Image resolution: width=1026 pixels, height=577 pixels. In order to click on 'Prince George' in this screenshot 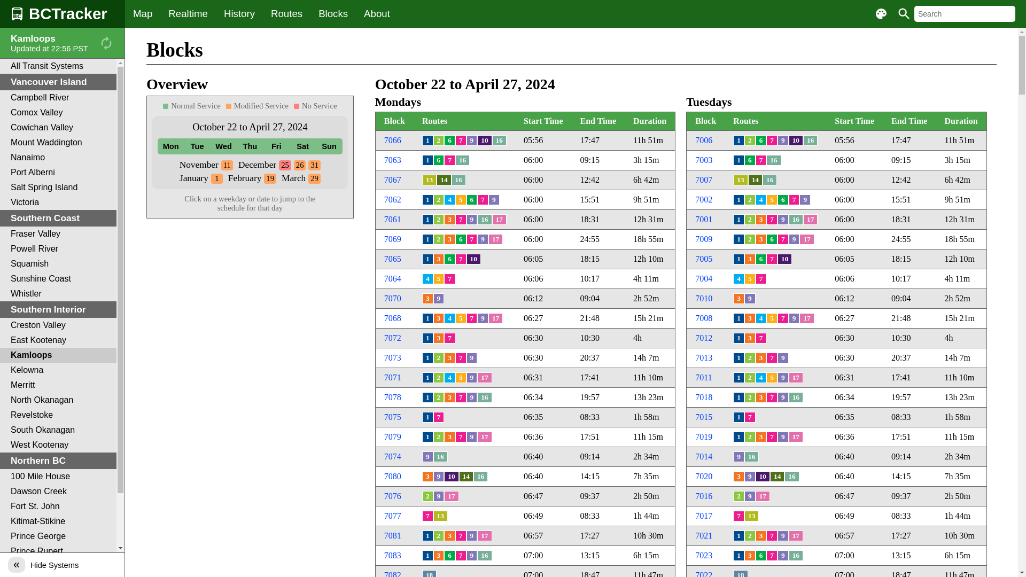, I will do `click(58, 536)`.